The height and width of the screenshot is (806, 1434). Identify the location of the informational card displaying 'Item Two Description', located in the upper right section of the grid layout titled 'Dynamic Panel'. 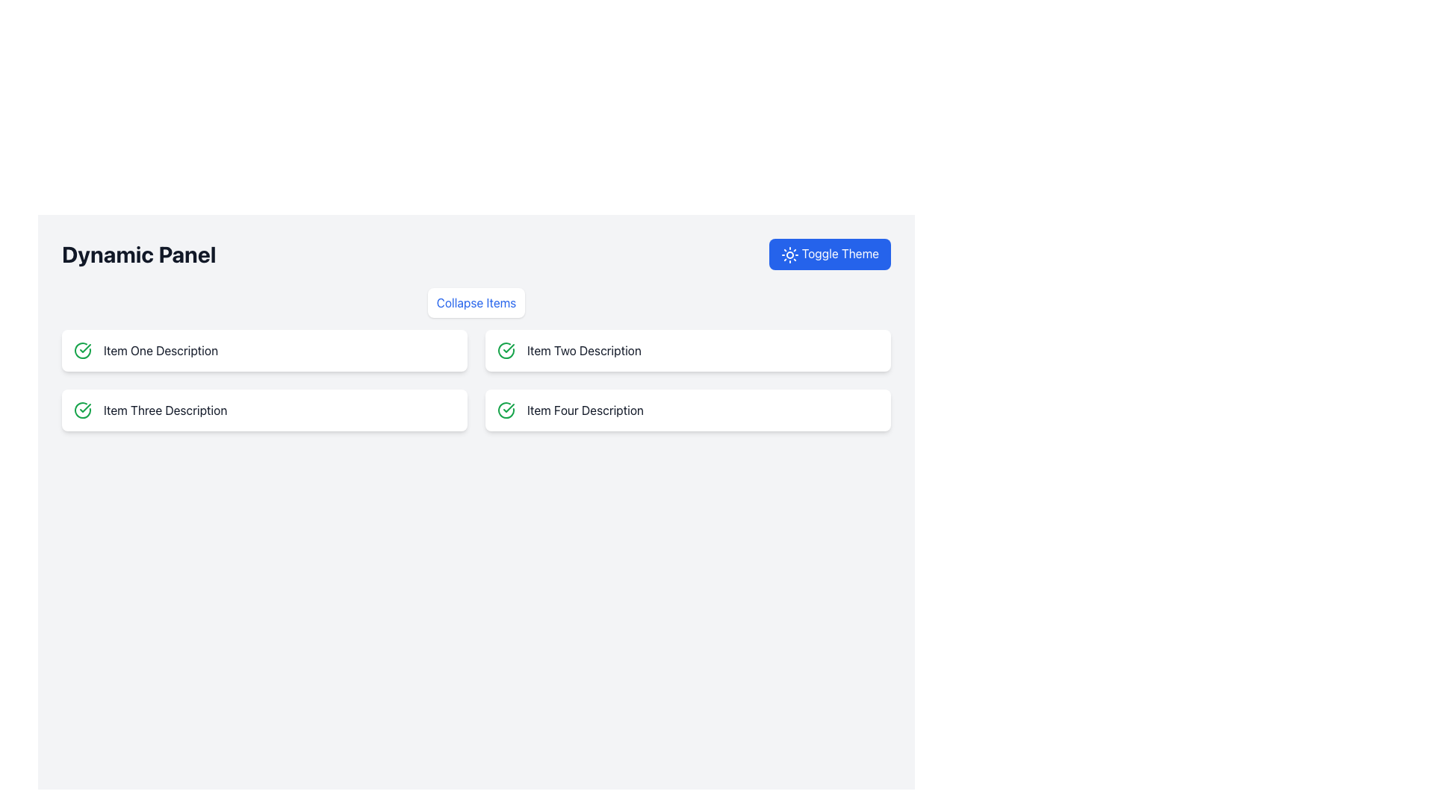
(687, 350).